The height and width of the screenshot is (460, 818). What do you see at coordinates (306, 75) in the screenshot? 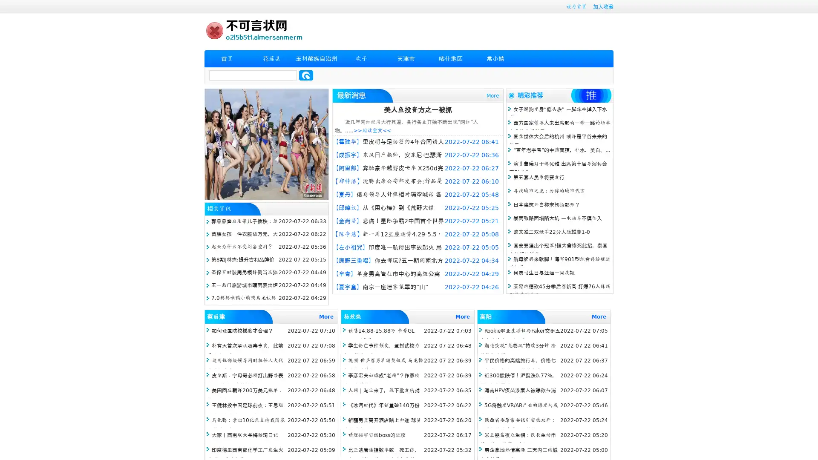
I see `Search` at bounding box center [306, 75].